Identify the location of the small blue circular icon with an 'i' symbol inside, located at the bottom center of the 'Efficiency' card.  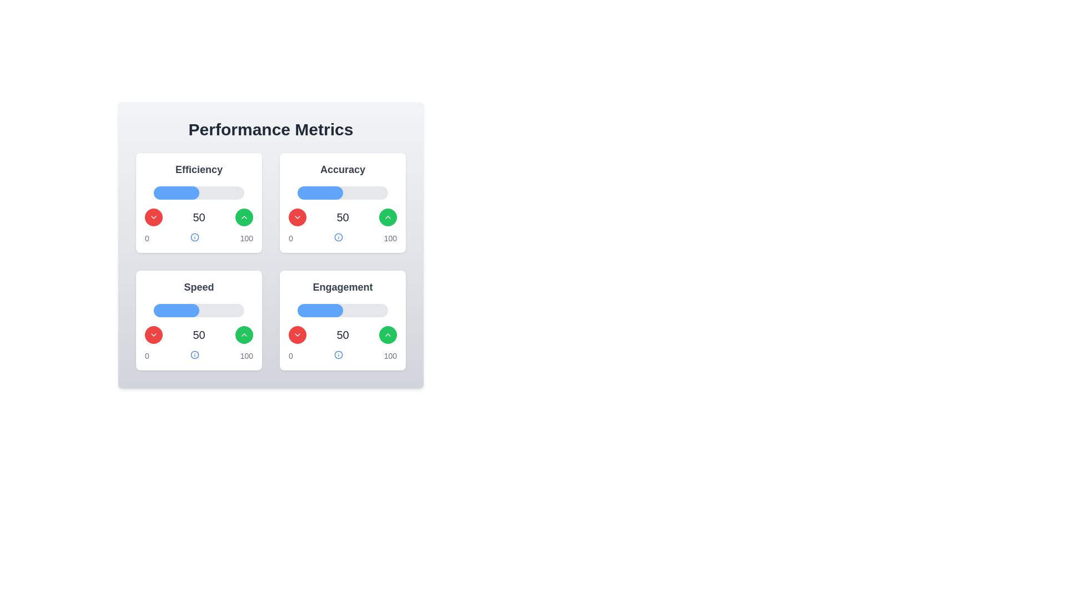
(194, 237).